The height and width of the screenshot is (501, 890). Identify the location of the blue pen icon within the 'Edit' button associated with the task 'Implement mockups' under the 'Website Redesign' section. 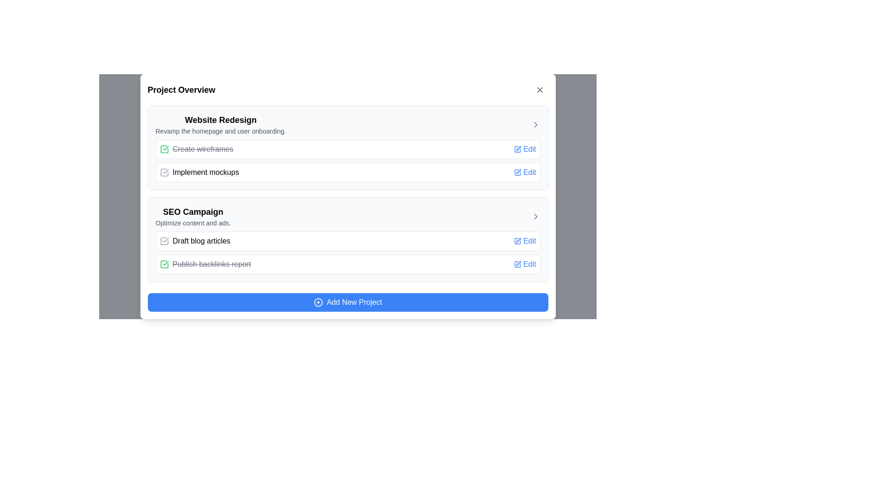
(517, 172).